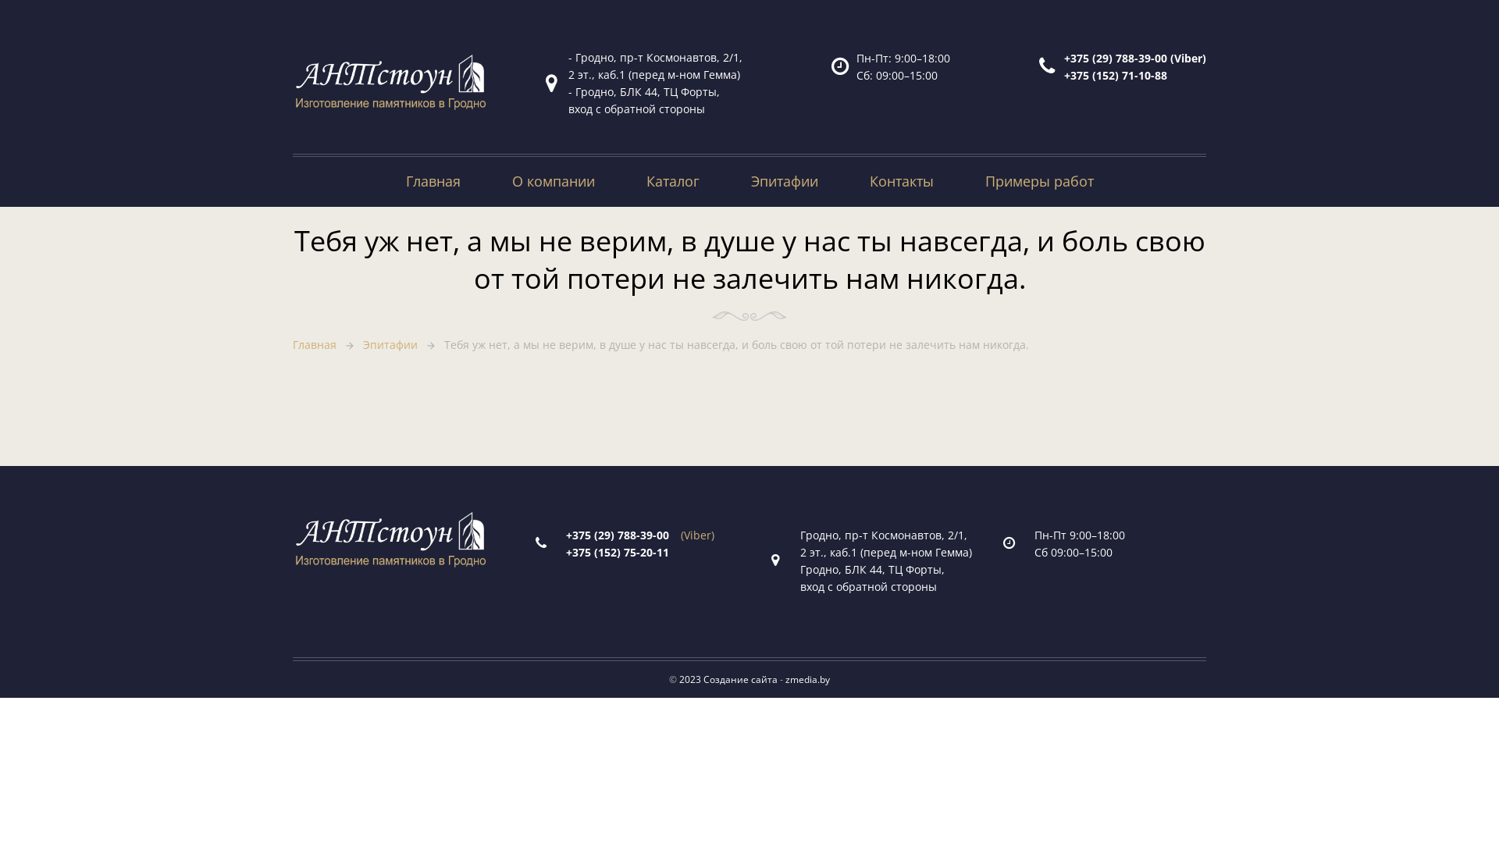  Describe the element at coordinates (1063, 56) in the screenshot. I see `'+375 (29) 788-39-00 (Viber)'` at that location.